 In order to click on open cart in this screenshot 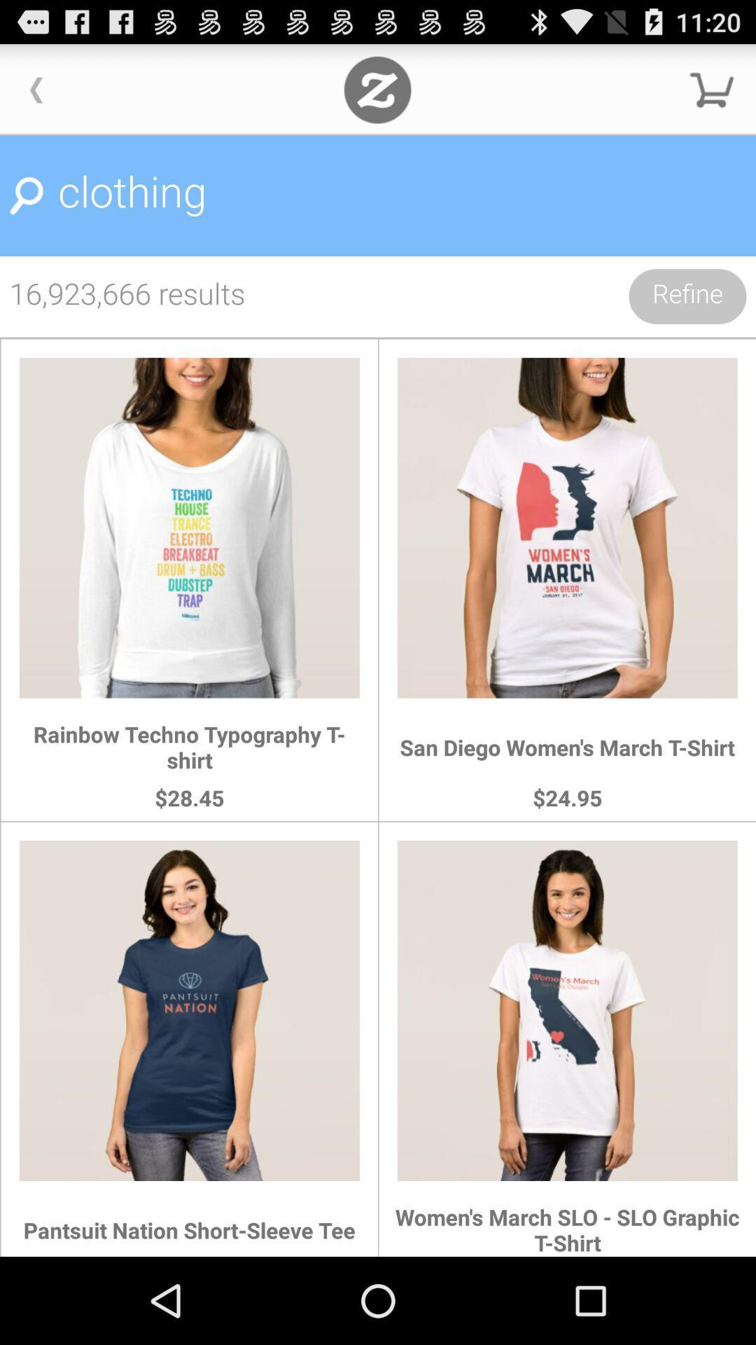, I will do `click(712, 89)`.